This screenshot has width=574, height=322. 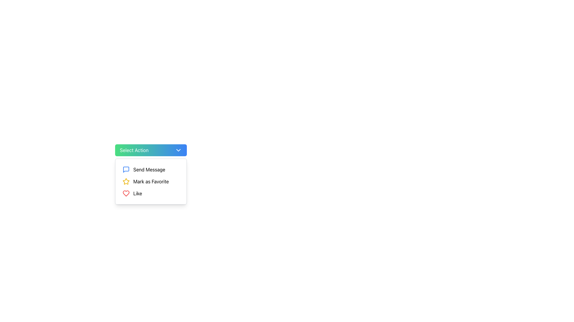 What do you see at coordinates (178, 150) in the screenshot?
I see `the small downward-pointing chevron icon, which is located inside the 'Select Action' button with a gradient background` at bounding box center [178, 150].